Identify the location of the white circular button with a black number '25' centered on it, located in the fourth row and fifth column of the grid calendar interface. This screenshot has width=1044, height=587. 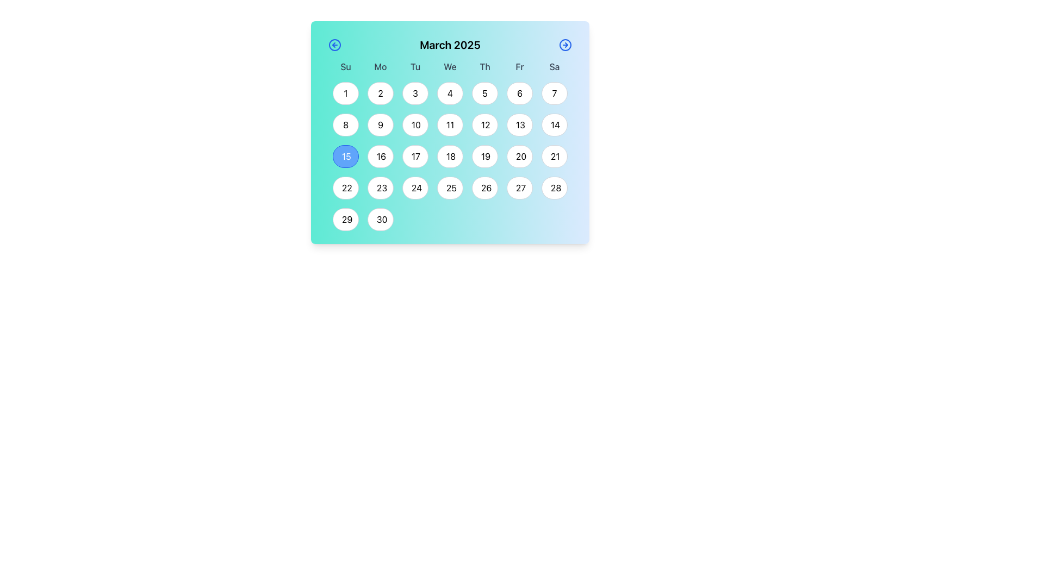
(450, 188).